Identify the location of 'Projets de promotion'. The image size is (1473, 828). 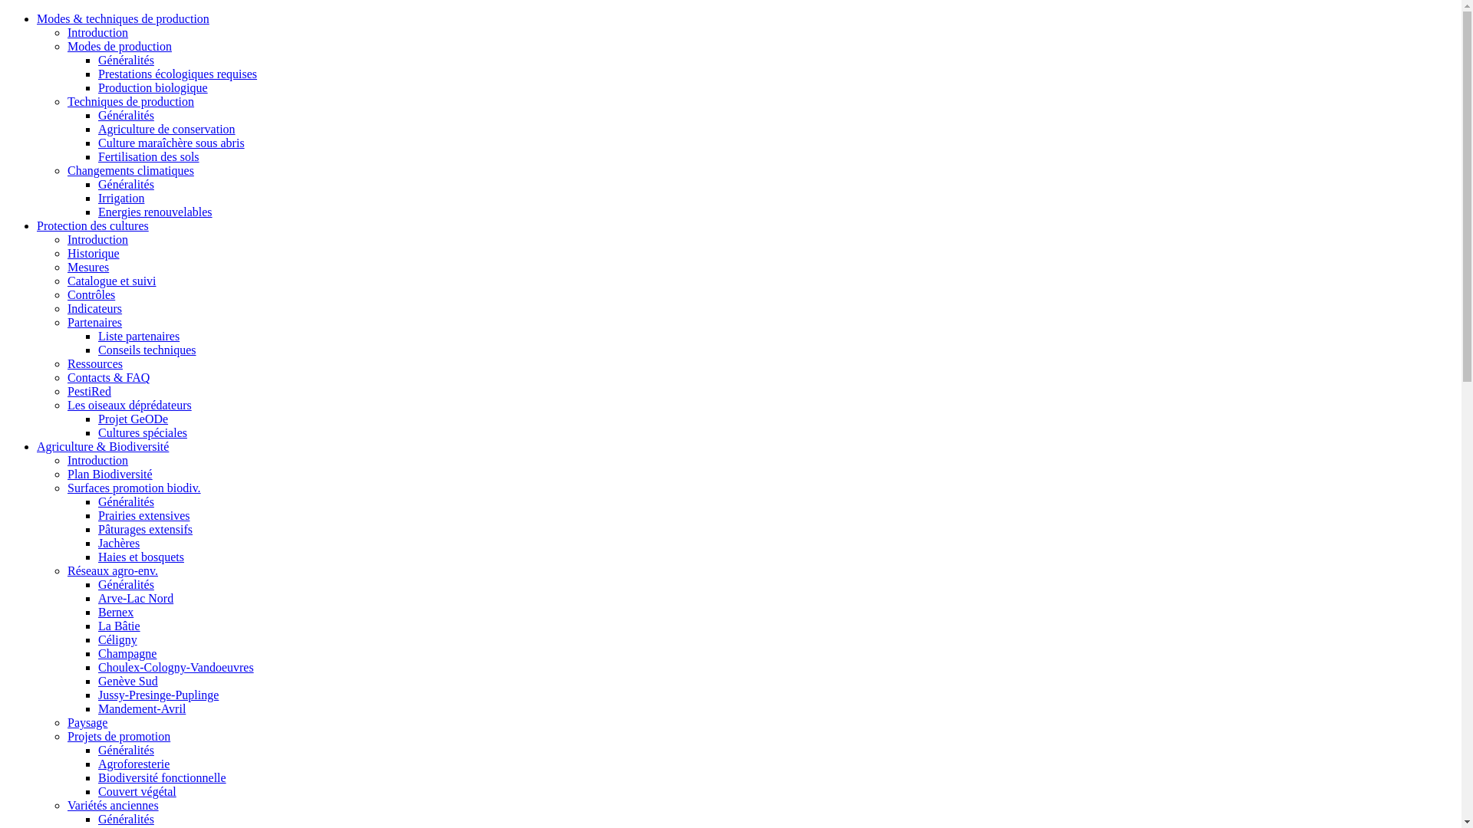
(117, 735).